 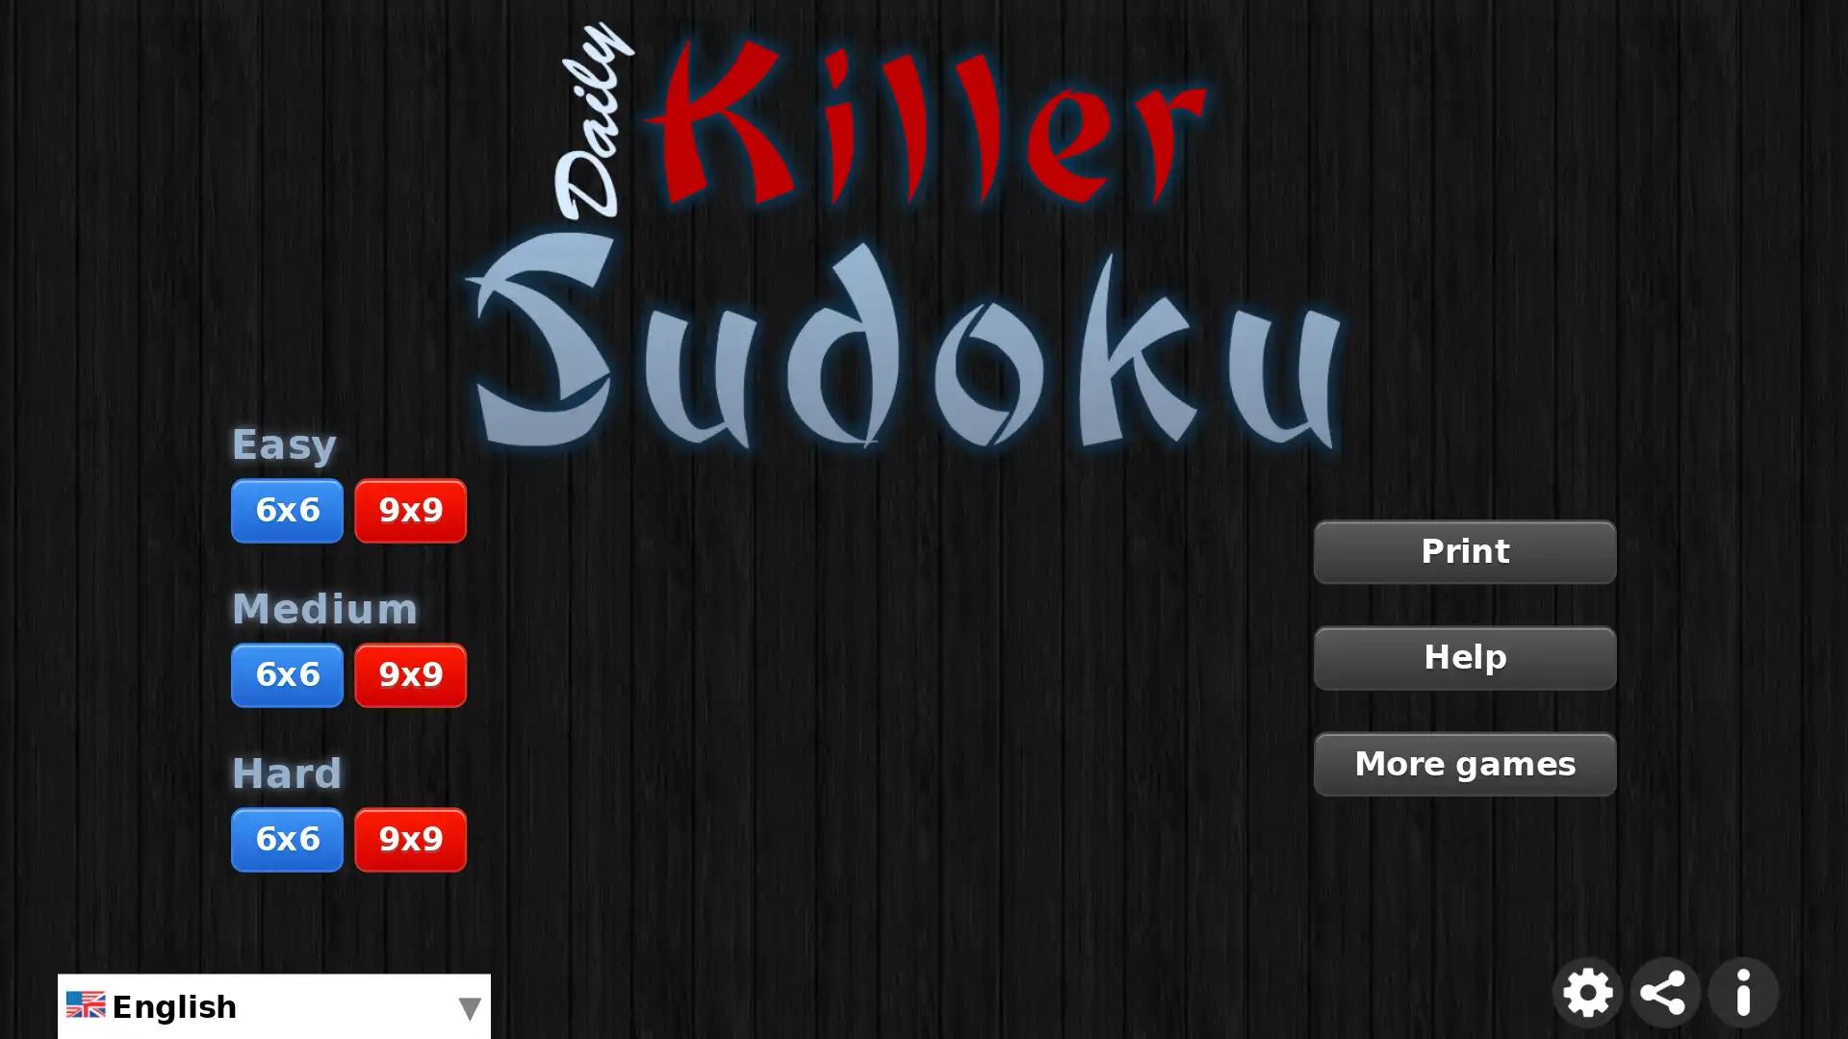 What do you see at coordinates (286, 673) in the screenshot?
I see `6x6` at bounding box center [286, 673].